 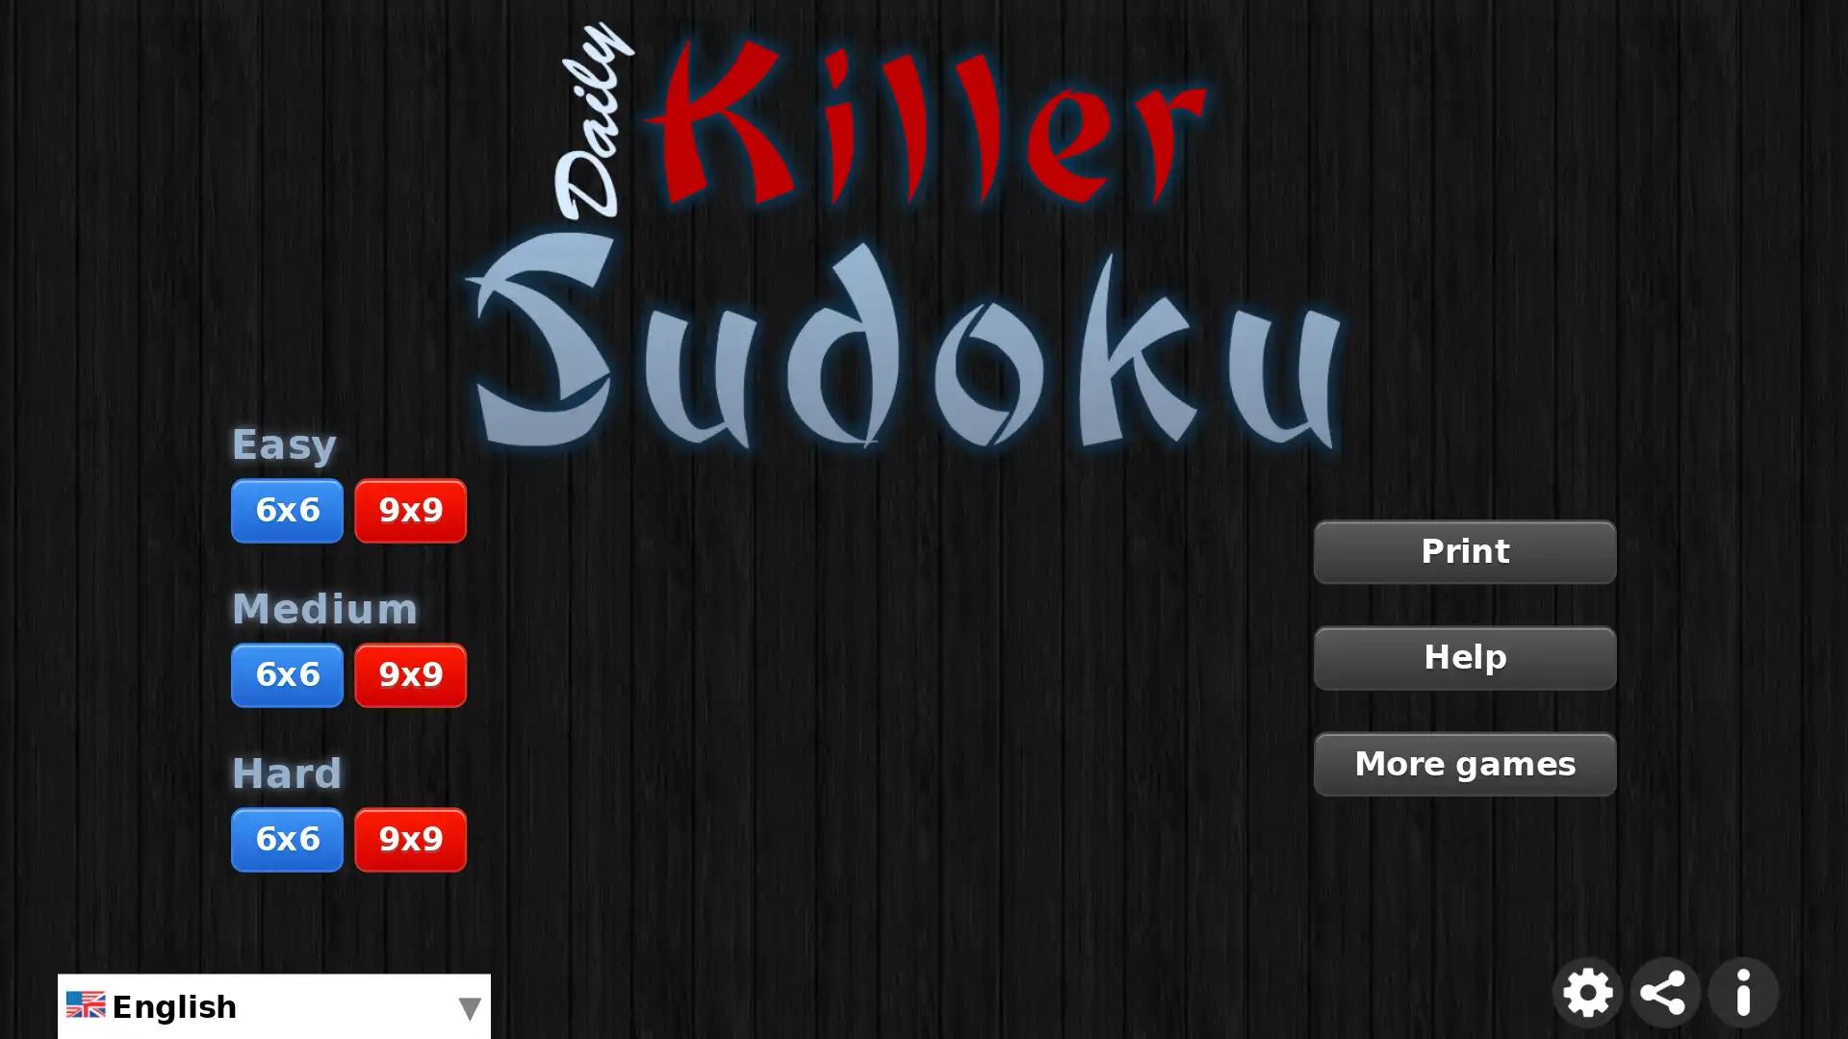 What do you see at coordinates (286, 673) in the screenshot?
I see `6x6` at bounding box center [286, 673].